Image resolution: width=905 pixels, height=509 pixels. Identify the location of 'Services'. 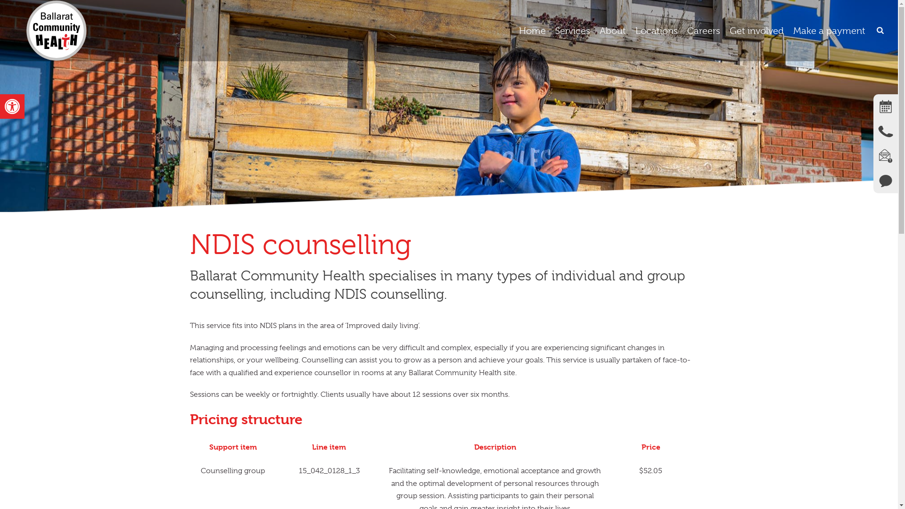
(572, 30).